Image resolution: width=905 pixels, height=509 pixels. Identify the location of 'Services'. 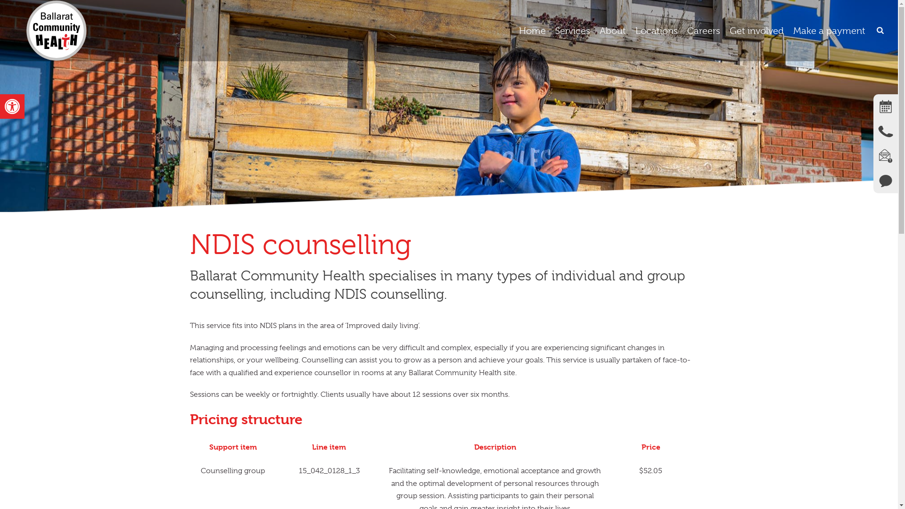
(572, 30).